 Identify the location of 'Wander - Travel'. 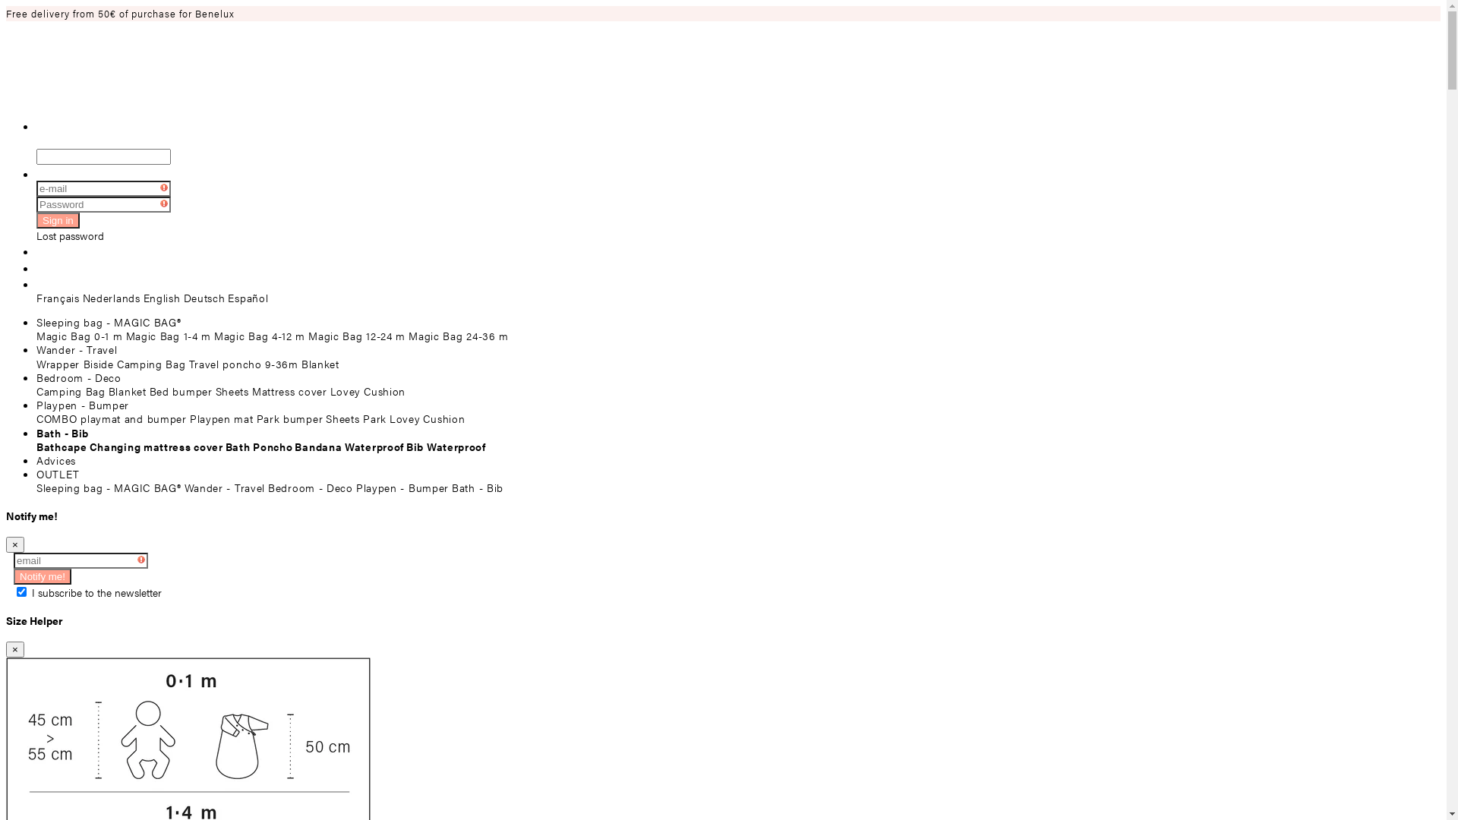
(76, 348).